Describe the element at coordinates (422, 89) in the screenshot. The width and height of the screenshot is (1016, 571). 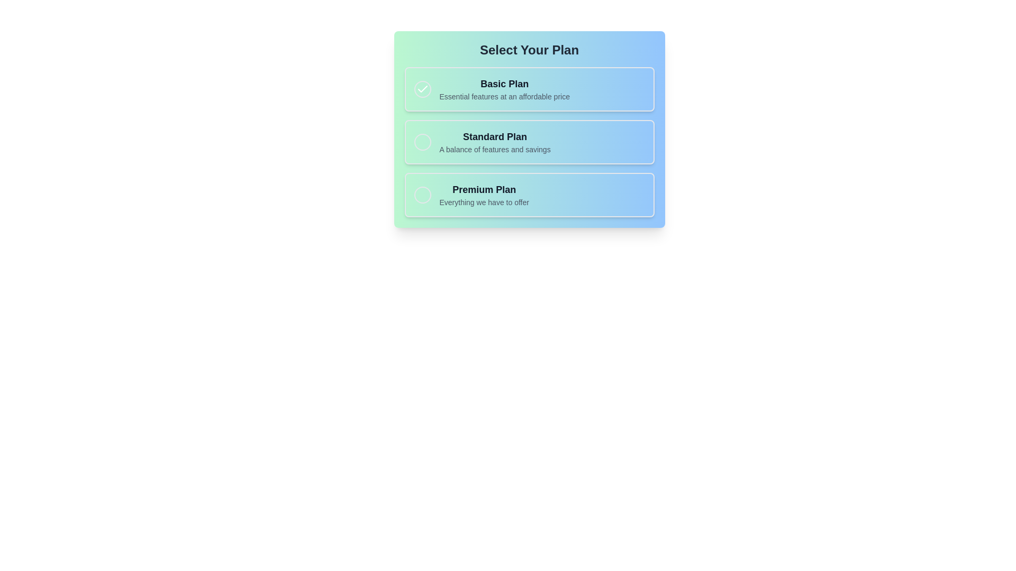
I see `the circular checkbox-like indicator` at that location.